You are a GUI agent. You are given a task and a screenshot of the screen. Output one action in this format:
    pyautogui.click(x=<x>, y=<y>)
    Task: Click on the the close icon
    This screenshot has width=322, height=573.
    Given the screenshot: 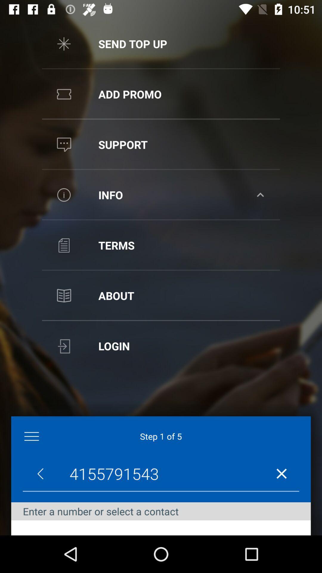 What is the action you would take?
    pyautogui.click(x=281, y=473)
    